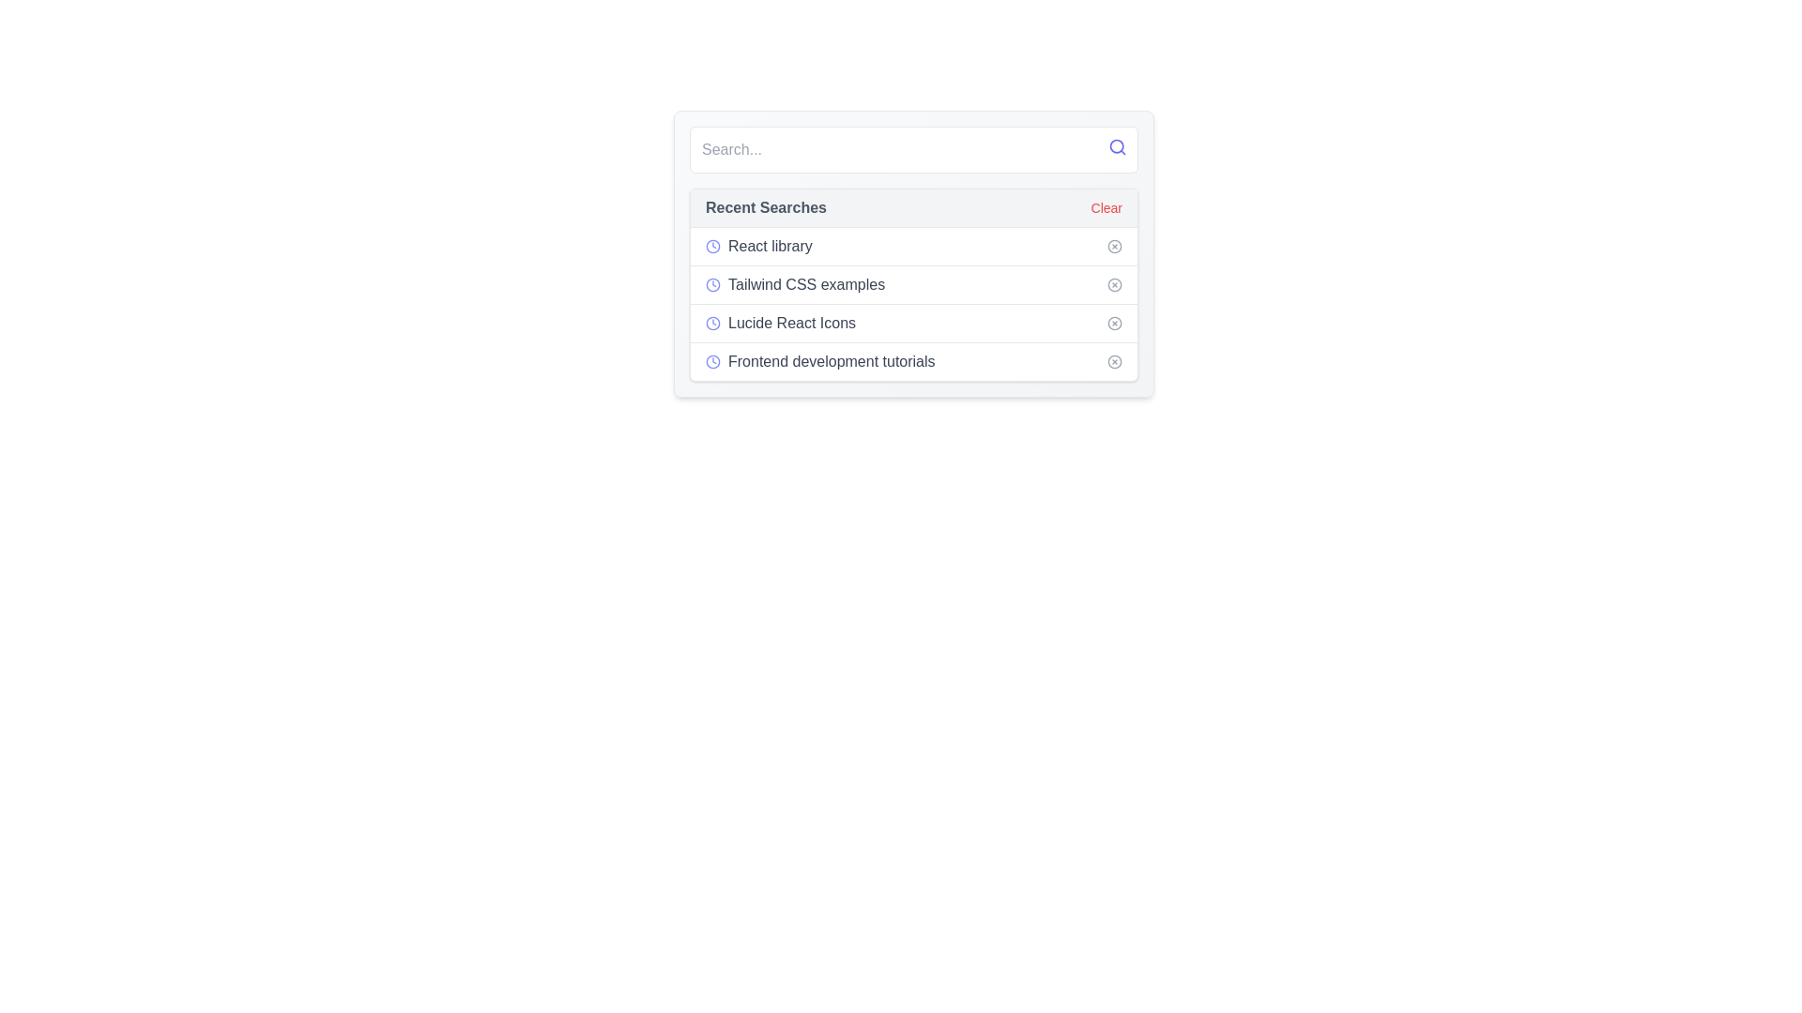 The image size is (1802, 1013). Describe the element at coordinates (831, 361) in the screenshot. I see `the fourth entry in the 'Recent Searches' list, which displays a previous search term, to read its content` at that location.